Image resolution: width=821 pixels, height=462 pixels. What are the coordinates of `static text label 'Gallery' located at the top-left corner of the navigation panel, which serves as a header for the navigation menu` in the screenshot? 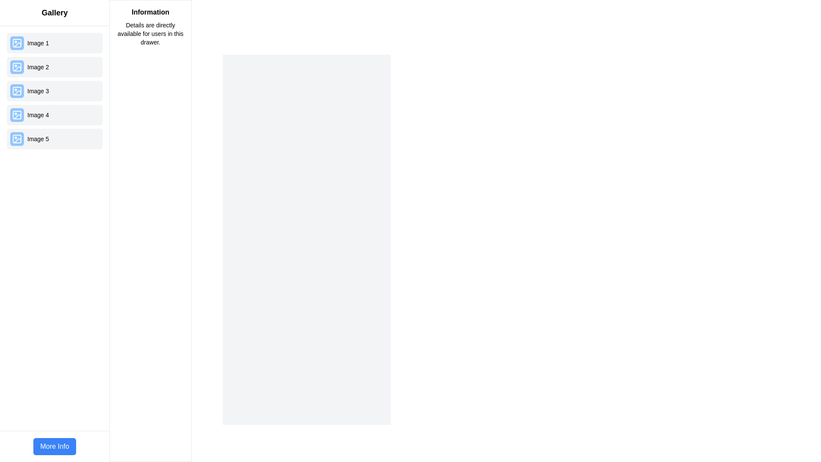 It's located at (54, 13).